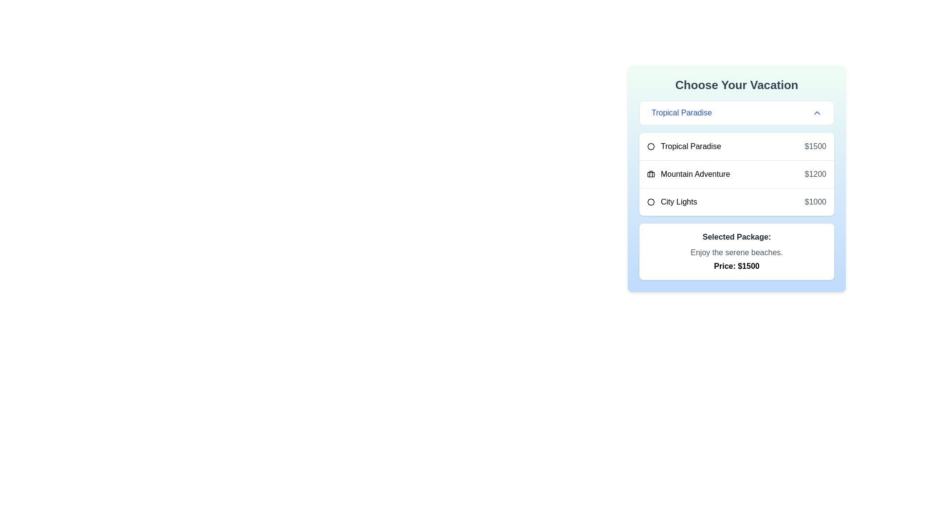  What do you see at coordinates (651, 173) in the screenshot?
I see `the 'Mountain Adventure' option icon, which is a decorative component within an SVG located in the second line of the options list` at bounding box center [651, 173].